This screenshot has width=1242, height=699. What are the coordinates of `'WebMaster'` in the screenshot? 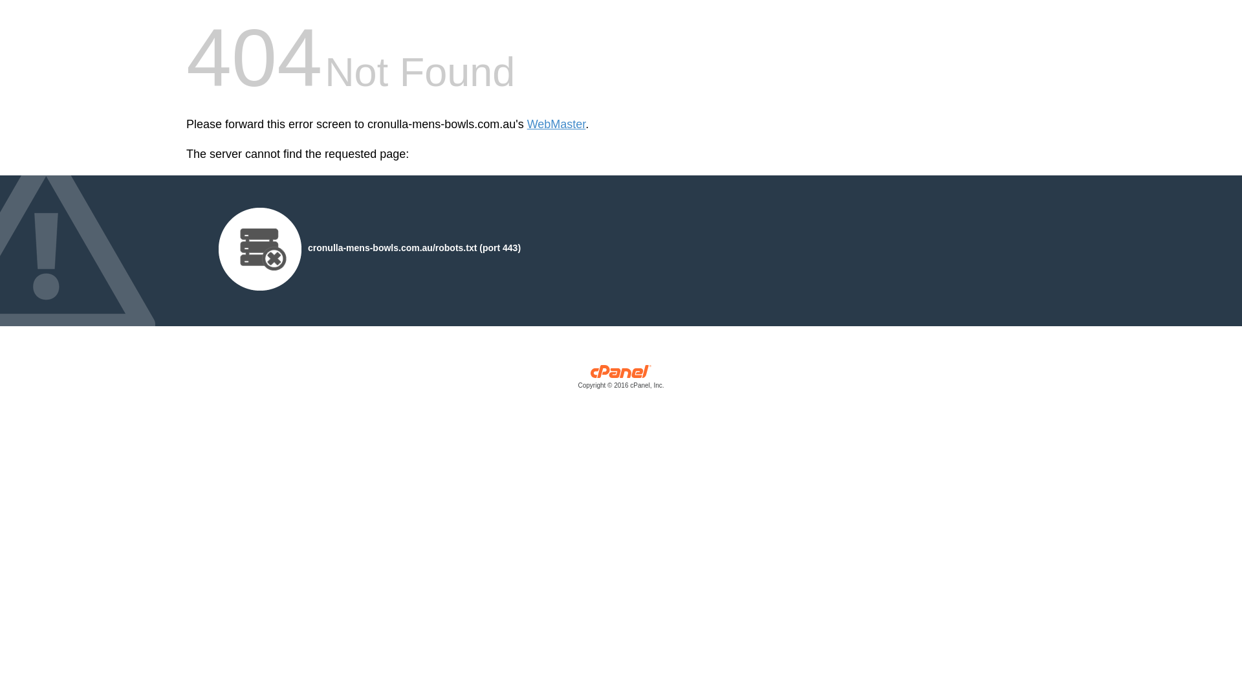 It's located at (527, 124).